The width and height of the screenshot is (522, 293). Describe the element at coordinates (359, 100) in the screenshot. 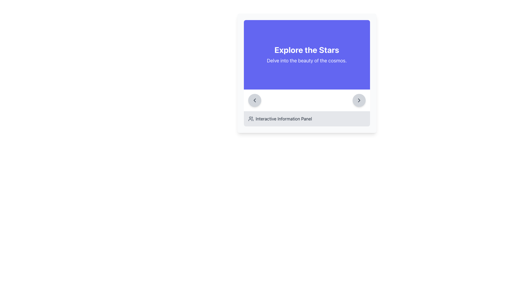

I see `the Chevron-Right icon within the circular button located in the bottom-right corner of the rectangular panel for keyboard navigation` at that location.